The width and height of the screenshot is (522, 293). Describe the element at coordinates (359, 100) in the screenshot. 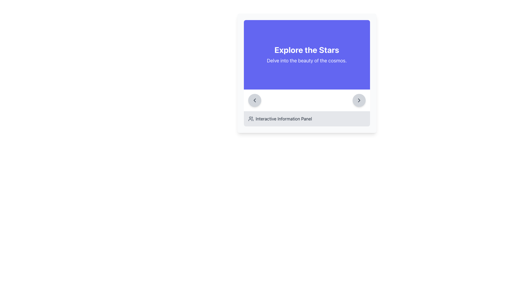

I see `the Chevron-Right icon within the circular button located in the bottom-right corner of the rectangular panel for keyboard navigation` at that location.